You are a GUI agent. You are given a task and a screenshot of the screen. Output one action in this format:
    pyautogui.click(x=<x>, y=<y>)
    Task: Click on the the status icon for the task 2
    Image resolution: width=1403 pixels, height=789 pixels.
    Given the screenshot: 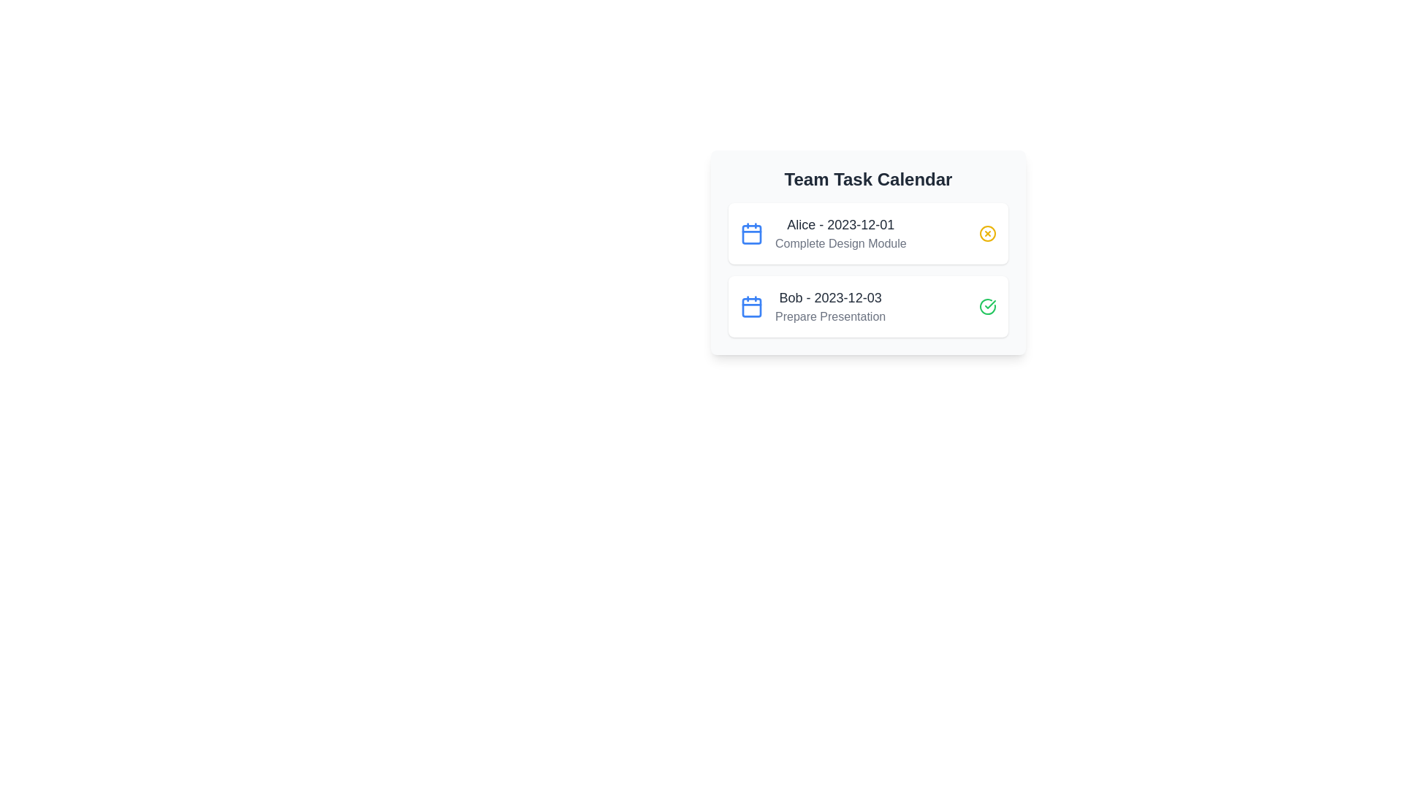 What is the action you would take?
    pyautogui.click(x=988, y=306)
    